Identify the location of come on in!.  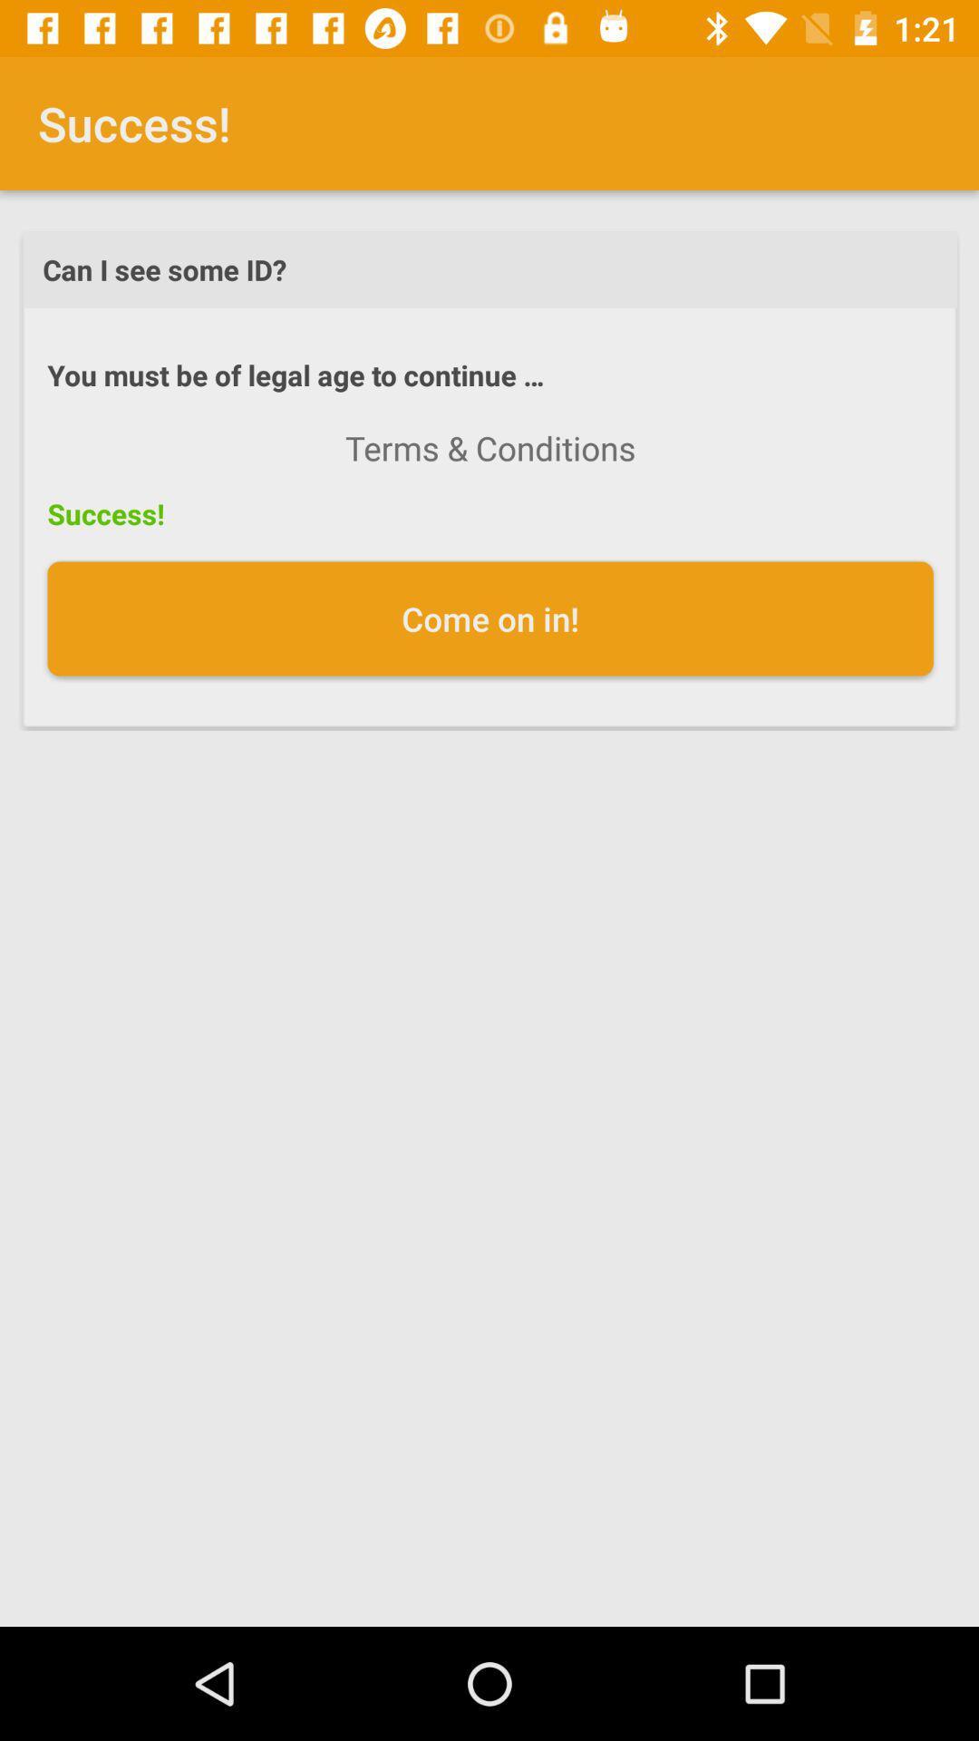
(490, 618).